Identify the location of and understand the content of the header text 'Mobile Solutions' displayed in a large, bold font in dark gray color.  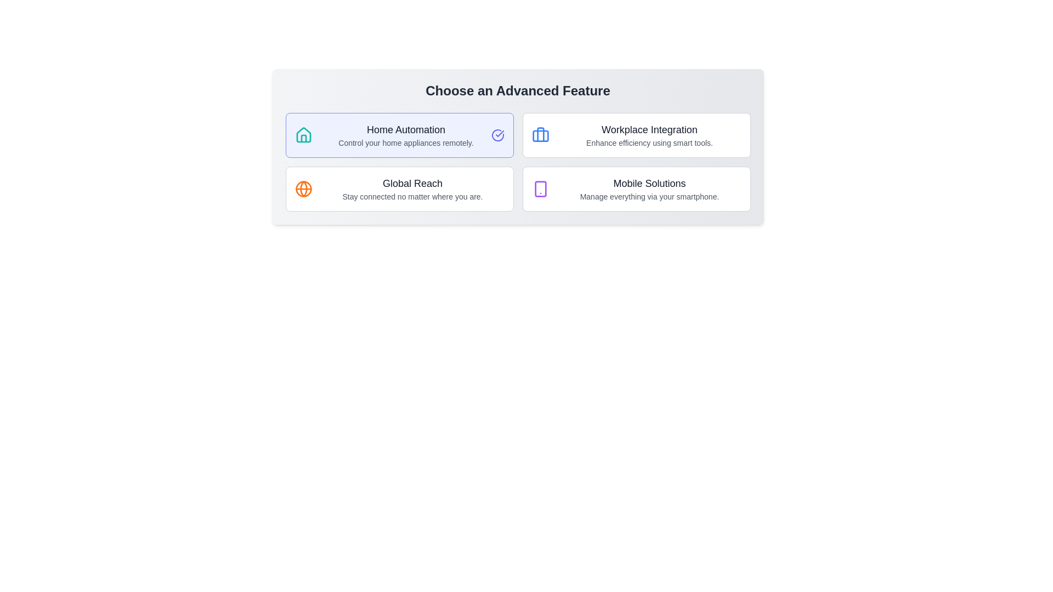
(649, 183).